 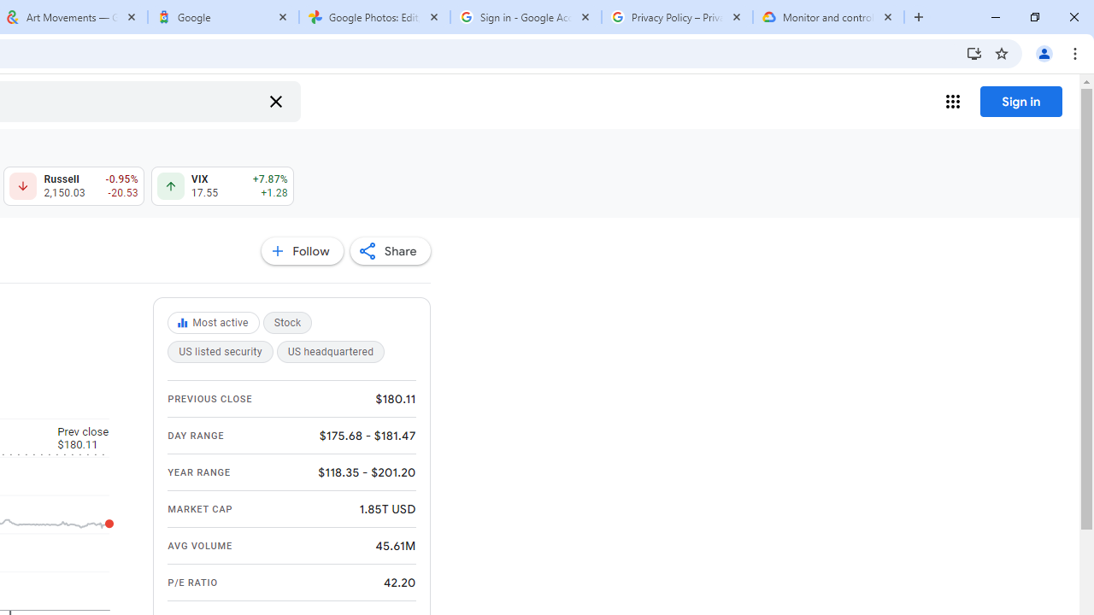 What do you see at coordinates (221, 186) in the screenshot?
I see `'VIX 17.55 Up by 7.87% +1.28'` at bounding box center [221, 186].